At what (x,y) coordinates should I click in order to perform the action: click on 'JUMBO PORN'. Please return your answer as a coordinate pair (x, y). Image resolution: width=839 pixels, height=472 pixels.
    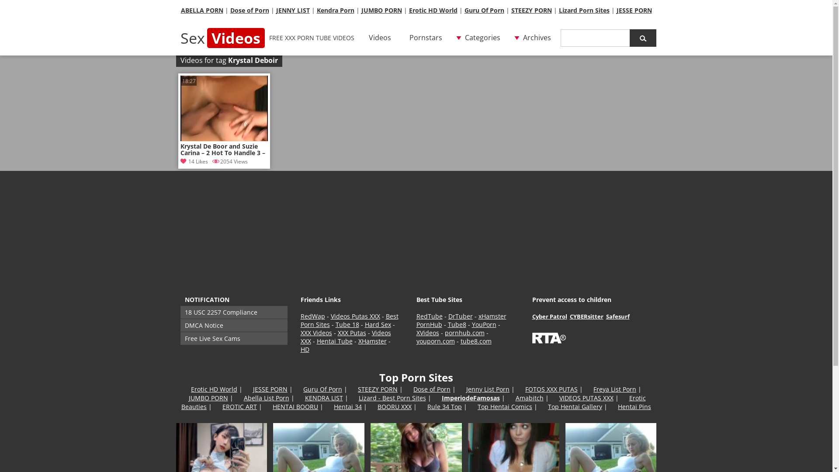
    Looking at the image, I should click on (208, 398).